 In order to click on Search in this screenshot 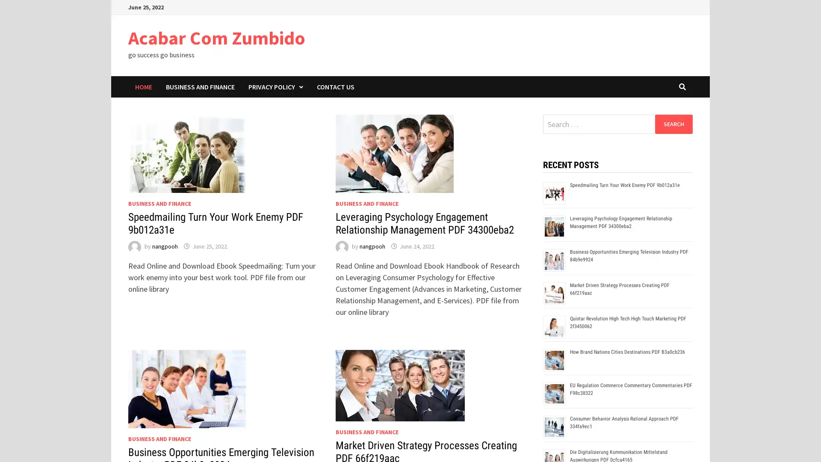, I will do `click(673, 124)`.